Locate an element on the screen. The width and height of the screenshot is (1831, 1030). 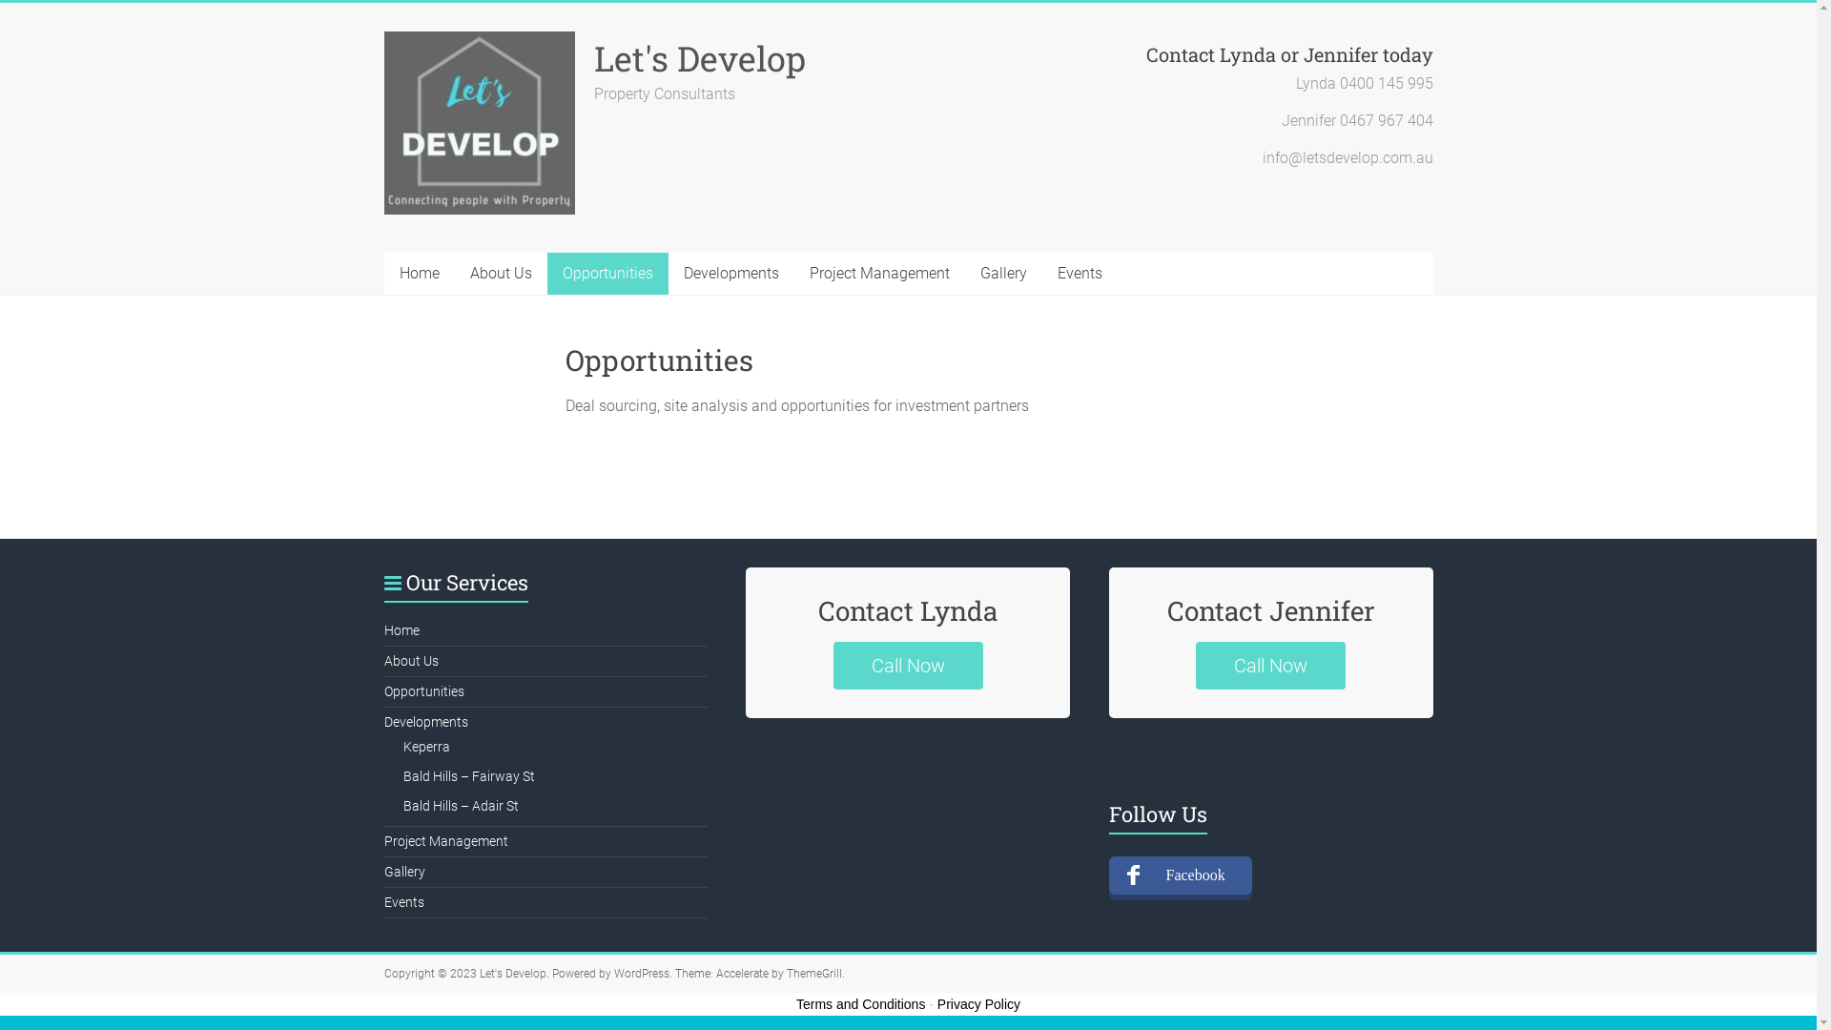
'Let's Develop' is located at coordinates (512, 974).